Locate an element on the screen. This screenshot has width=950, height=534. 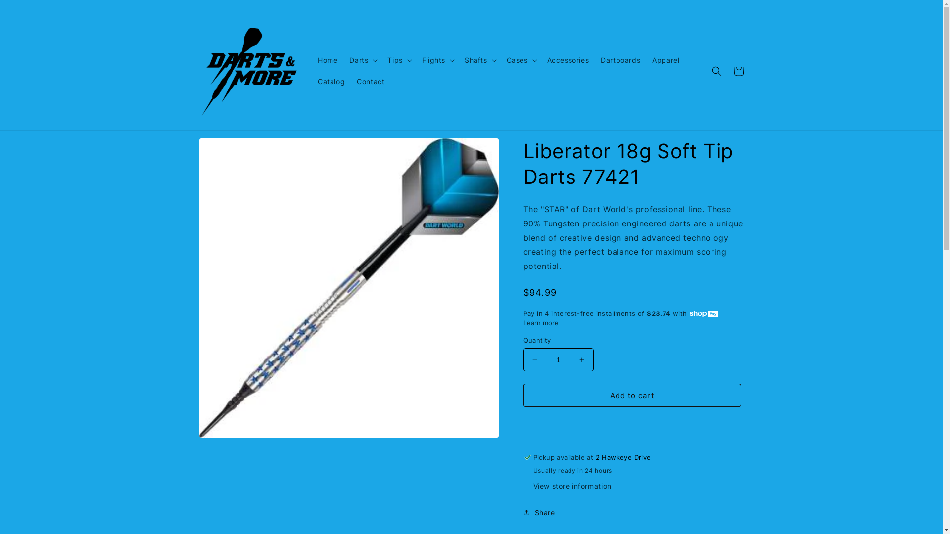
'Apparel' is located at coordinates (646, 60).